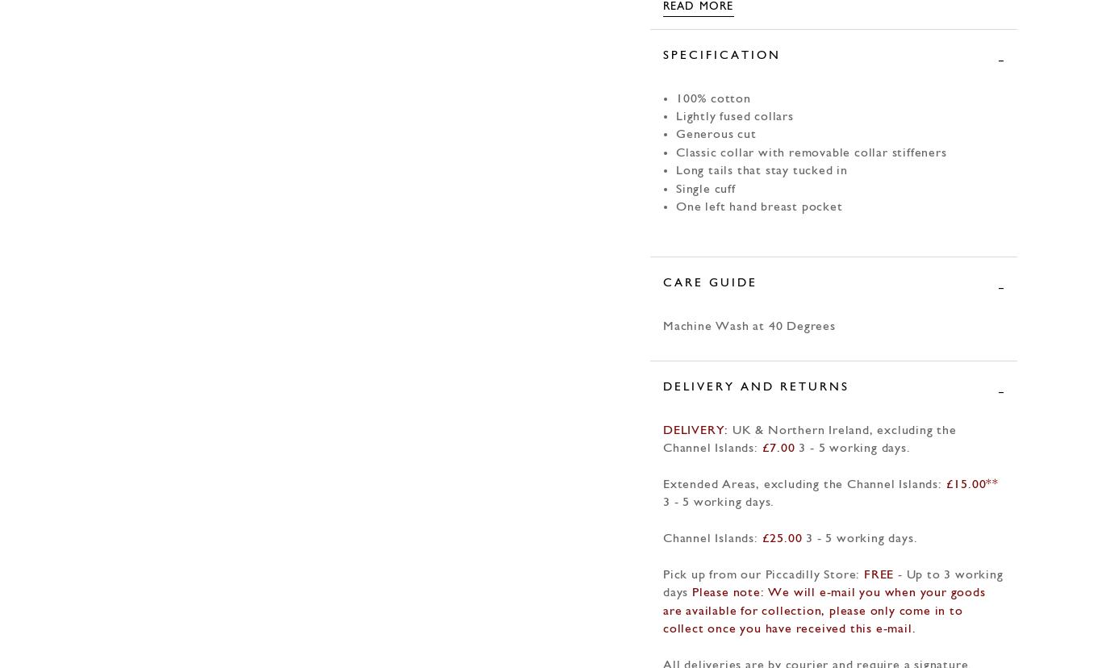  What do you see at coordinates (733, 116) in the screenshot?
I see `'Lightly fused collars'` at bounding box center [733, 116].